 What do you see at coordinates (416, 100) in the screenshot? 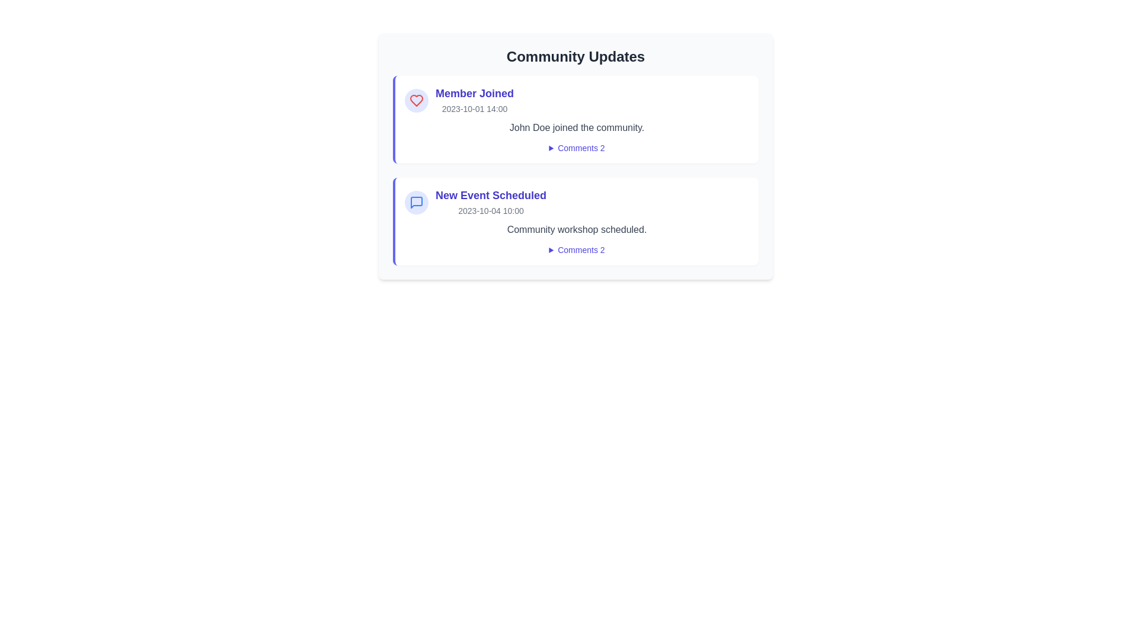
I see `the heart icon representing a 'like' or 'favorite' symbol located within the first notification item titled 'Member Joined'` at bounding box center [416, 100].